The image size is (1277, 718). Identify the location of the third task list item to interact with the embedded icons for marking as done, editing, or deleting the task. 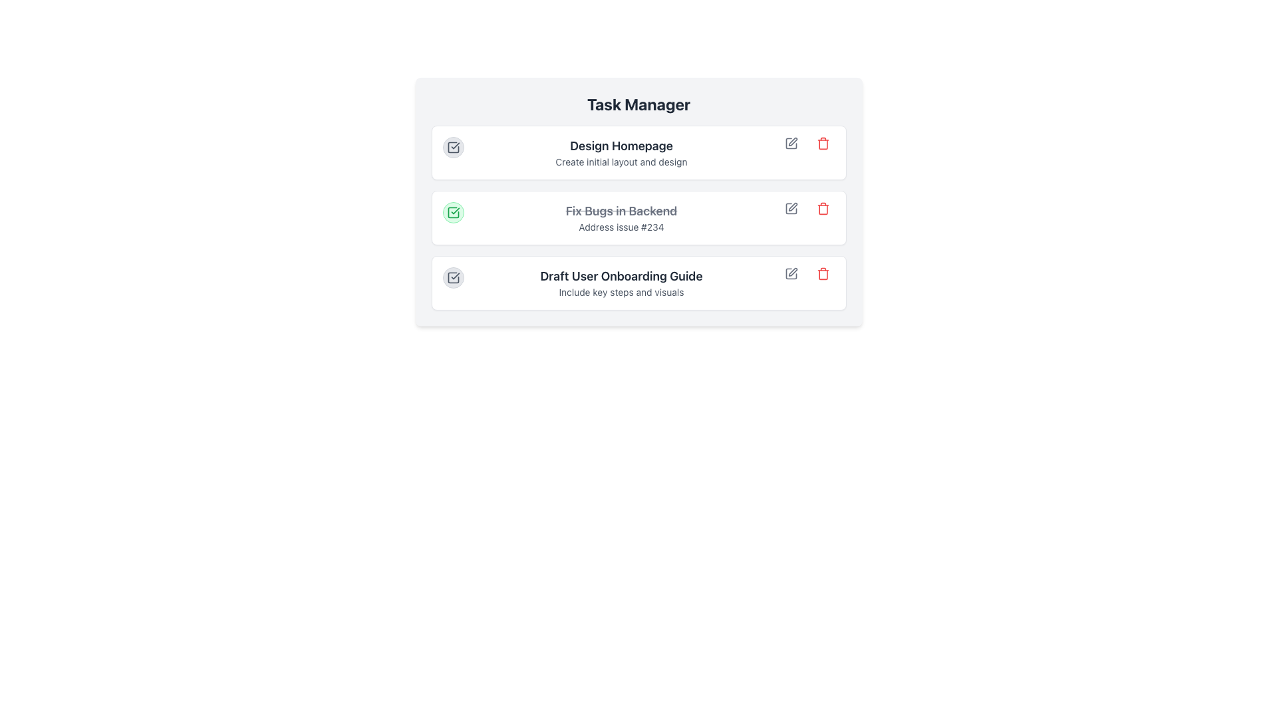
(638, 282).